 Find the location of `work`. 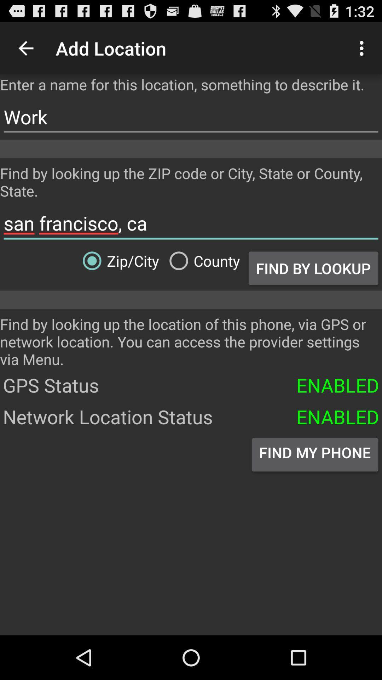

work is located at coordinates (191, 117).